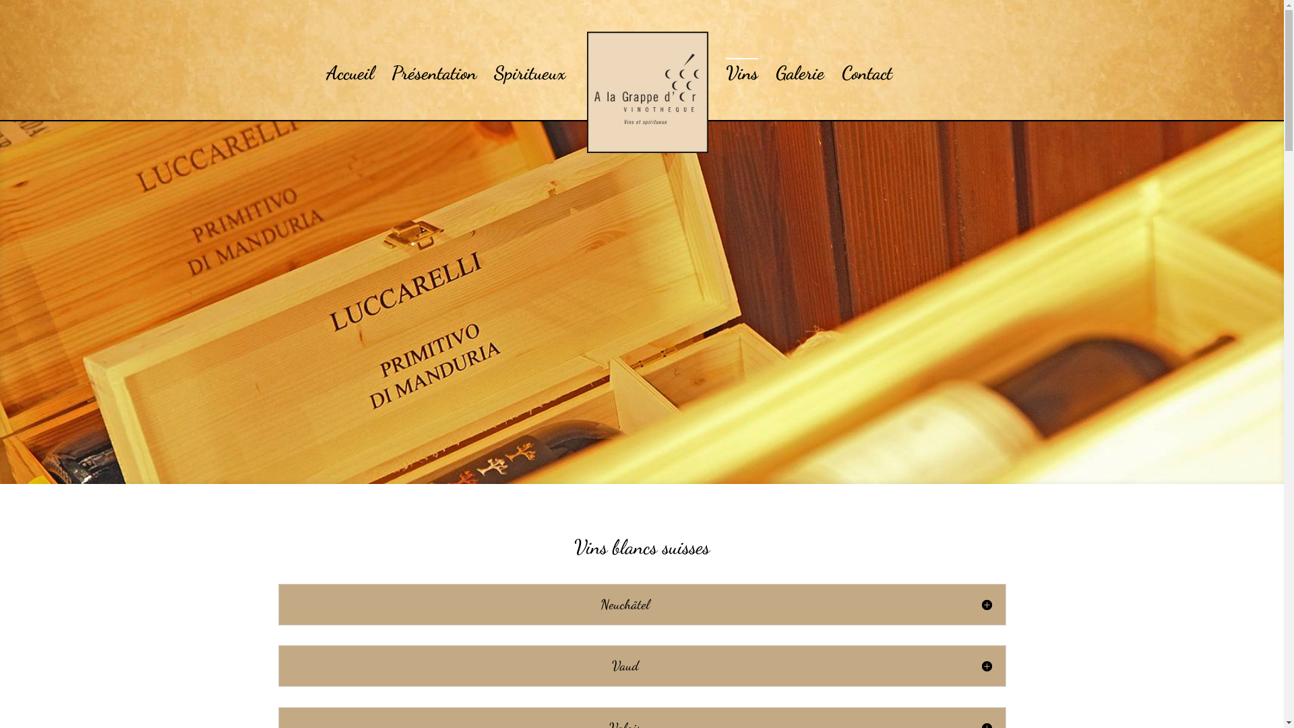 Image resolution: width=1294 pixels, height=728 pixels. Describe the element at coordinates (799, 72) in the screenshot. I see `'Galerie'` at that location.